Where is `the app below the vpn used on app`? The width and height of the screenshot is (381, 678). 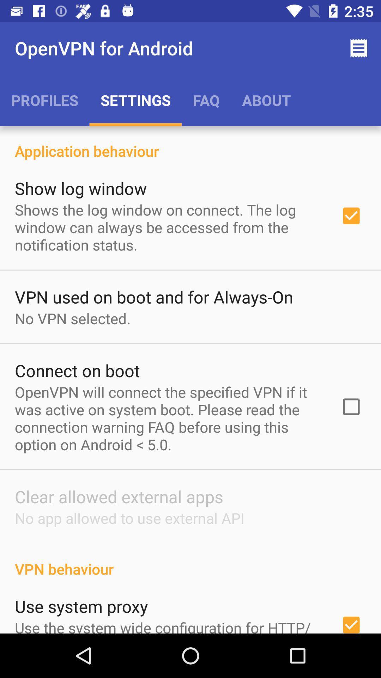 the app below the vpn used on app is located at coordinates (73, 318).